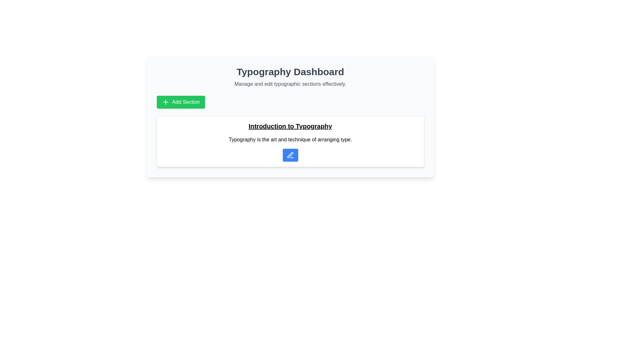  What do you see at coordinates (290, 72) in the screenshot?
I see `header text which serves as the title of the current section, positioned above the text 'Manage and edit typographic sections effectively.'` at bounding box center [290, 72].